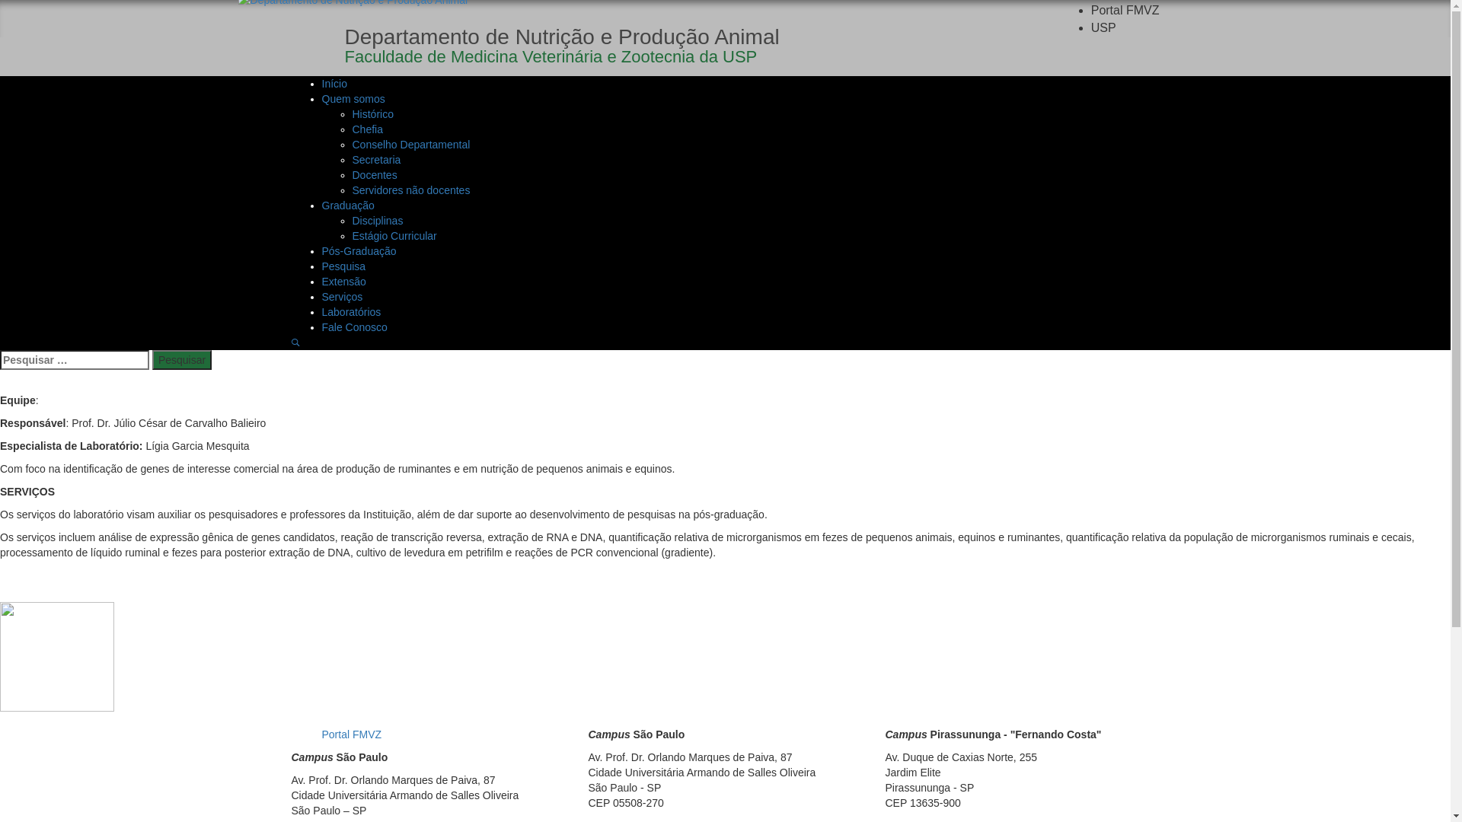  I want to click on 'Fale Conosco', so click(353, 326).